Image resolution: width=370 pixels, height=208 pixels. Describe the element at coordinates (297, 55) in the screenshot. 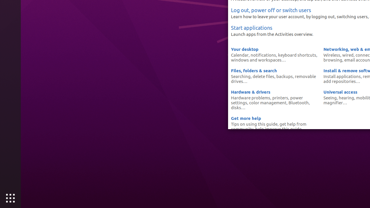

I see `'keyboard shortcuts'` at that location.